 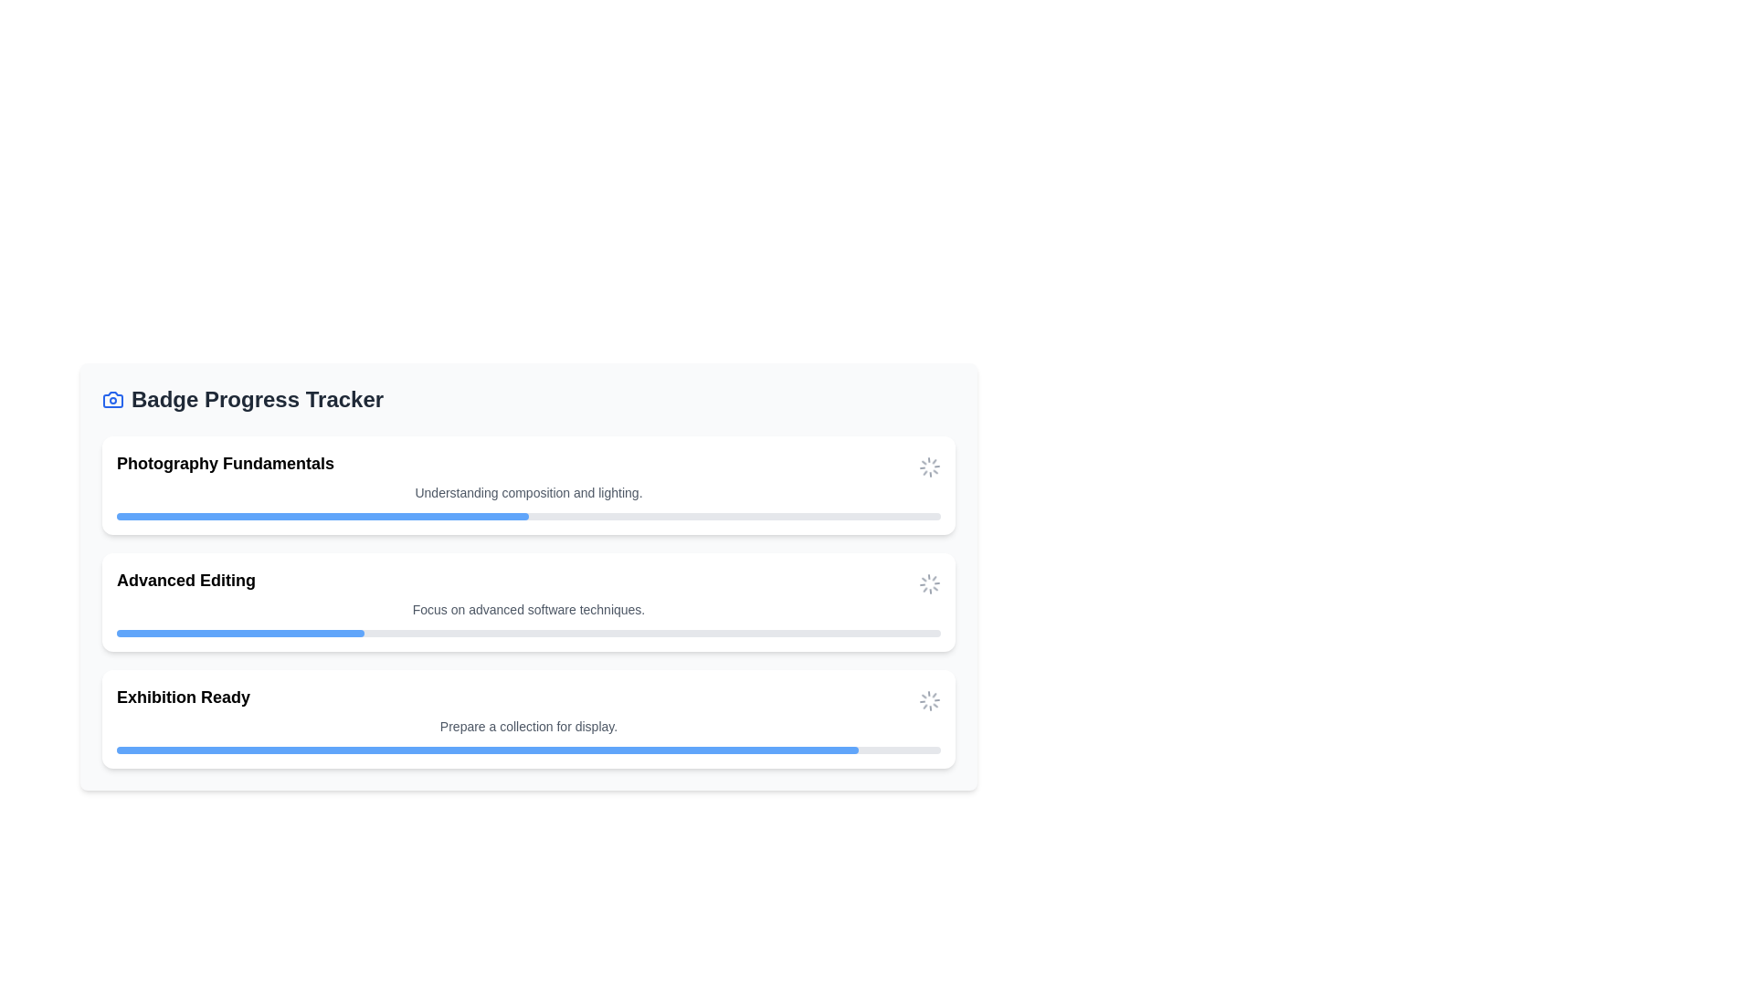 What do you see at coordinates (322, 517) in the screenshot?
I see `the progress bar segment that visually represents 50% completion of the 'Photography Fundamentals' course, located under the title 'Photography Fundamentals' in the 'Badge Progress Tracker'` at bounding box center [322, 517].